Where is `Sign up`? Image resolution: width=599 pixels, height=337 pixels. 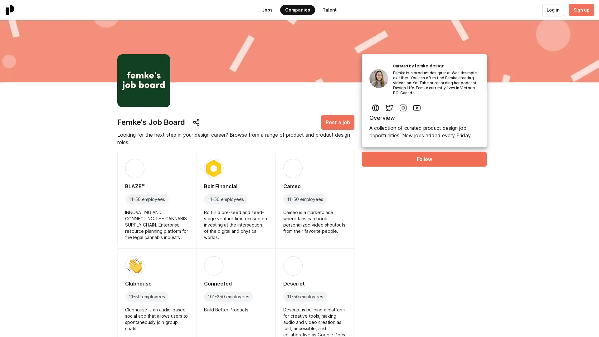 Sign up is located at coordinates (581, 10).